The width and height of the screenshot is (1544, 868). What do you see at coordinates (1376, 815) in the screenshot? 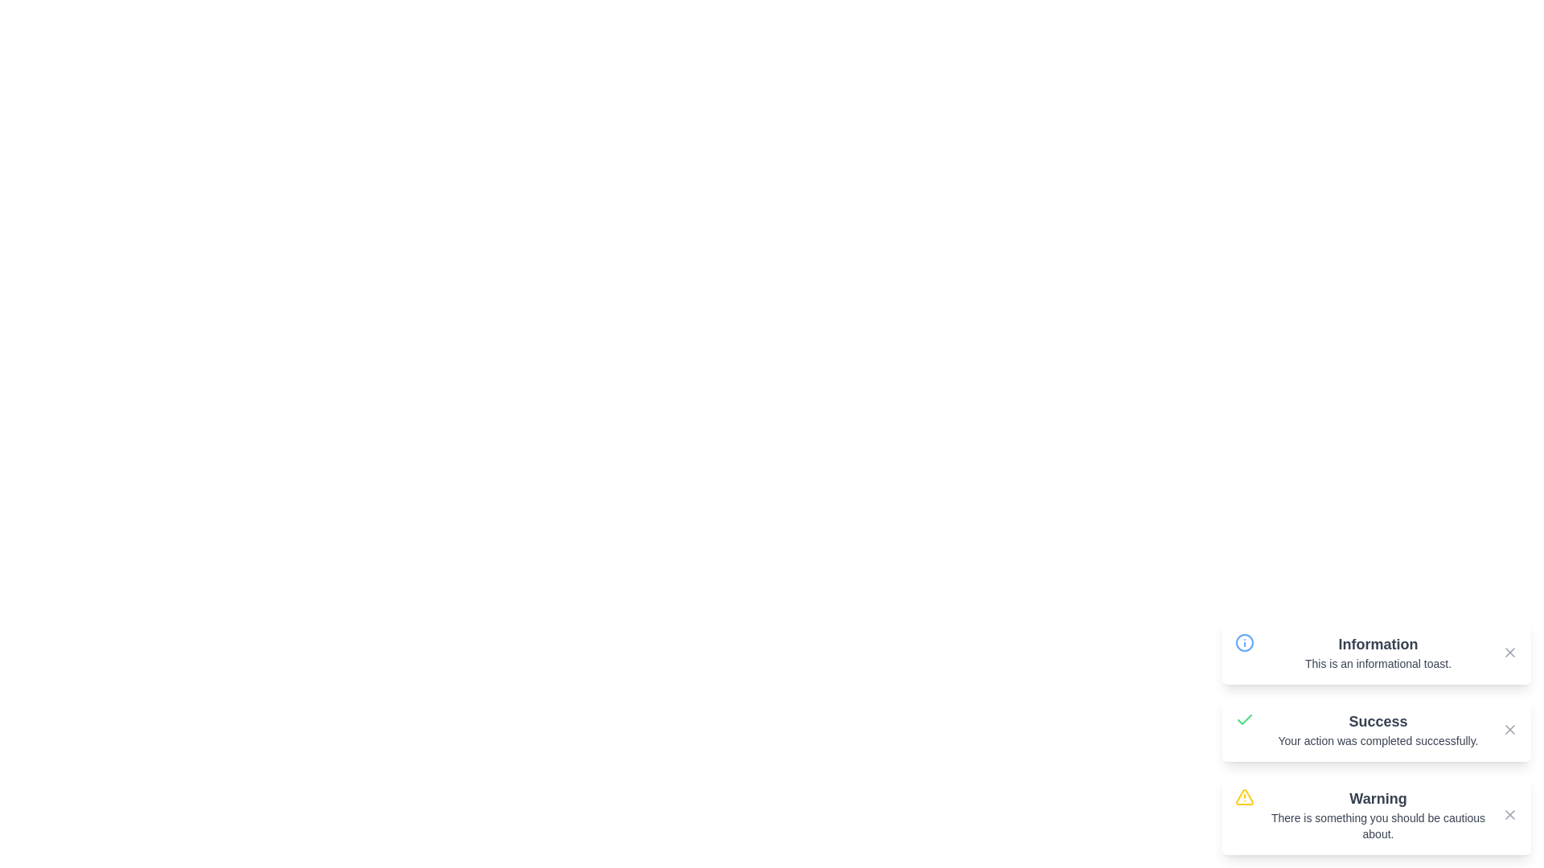
I see `the third notification toast with a warning theme that contains a yellow warning icon, a bold title 'Warning', and a descriptive message 'There is something you should be cautious about.'` at bounding box center [1376, 815].